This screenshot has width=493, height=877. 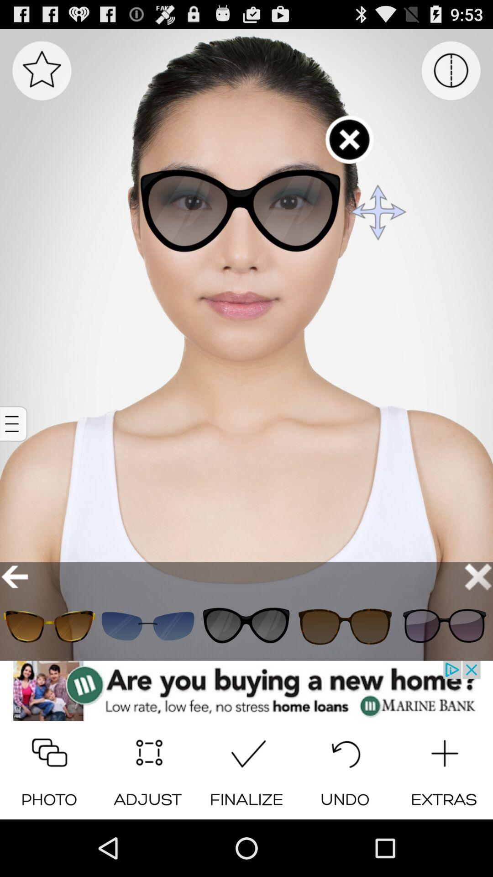 I want to click on fashion page, so click(x=443, y=626).